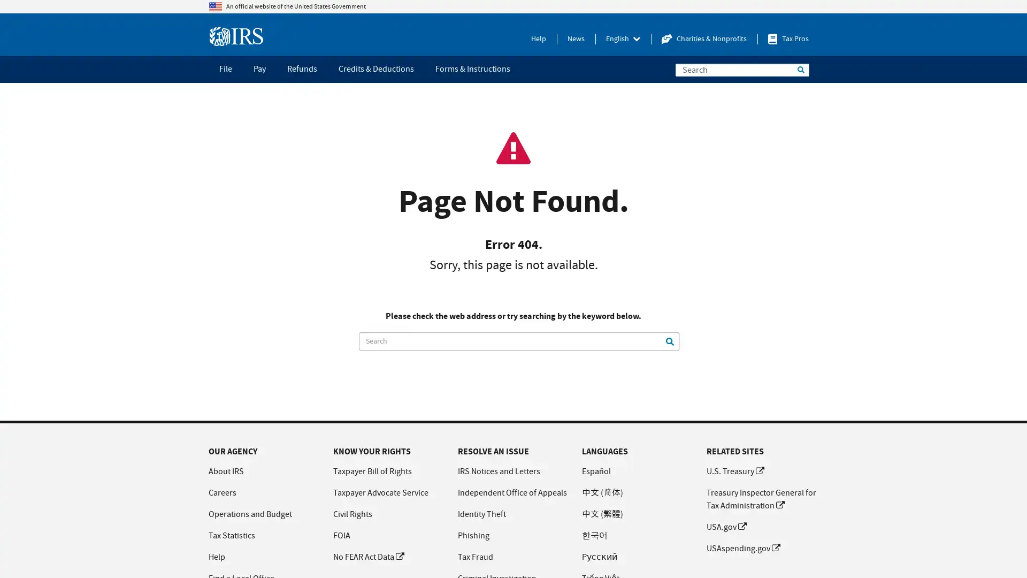  What do you see at coordinates (371, 452) in the screenshot?
I see `KNOW YOUR RIGHTS` at bounding box center [371, 452].